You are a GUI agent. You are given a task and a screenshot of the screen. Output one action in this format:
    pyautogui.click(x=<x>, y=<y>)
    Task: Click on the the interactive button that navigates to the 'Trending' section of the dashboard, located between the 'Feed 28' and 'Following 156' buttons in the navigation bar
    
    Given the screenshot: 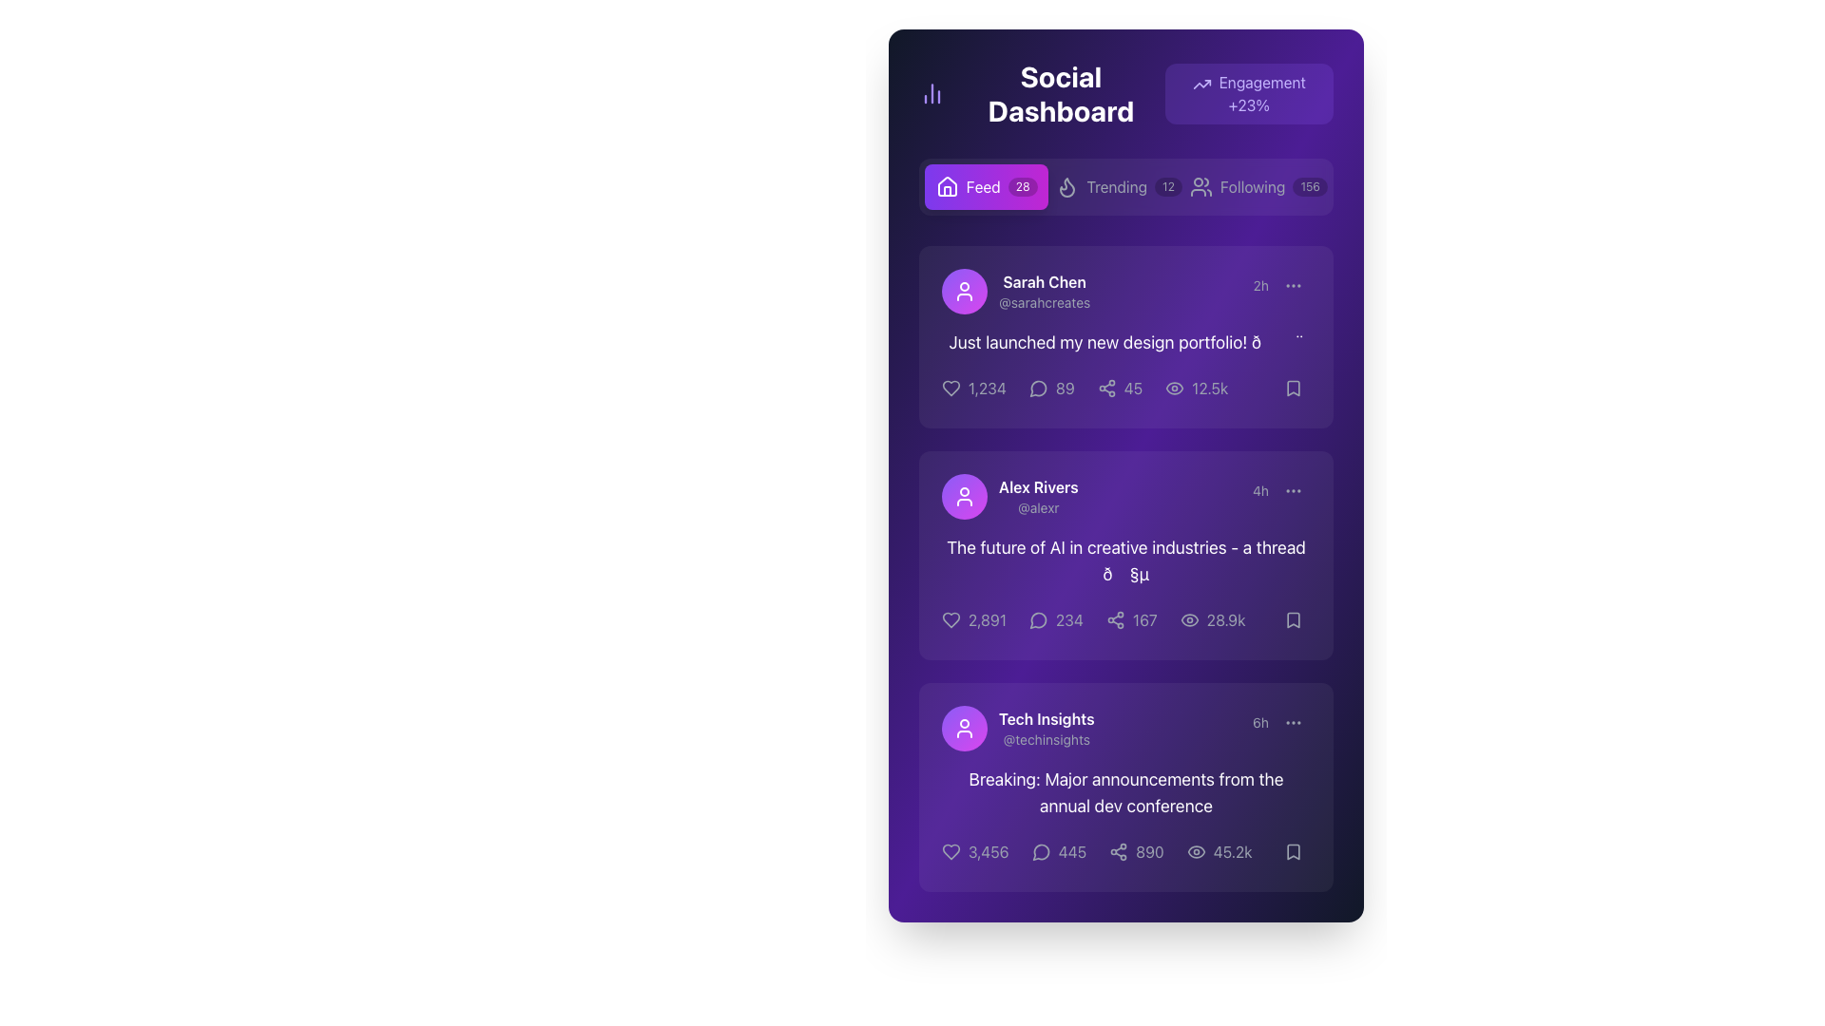 What is the action you would take?
    pyautogui.click(x=1119, y=186)
    